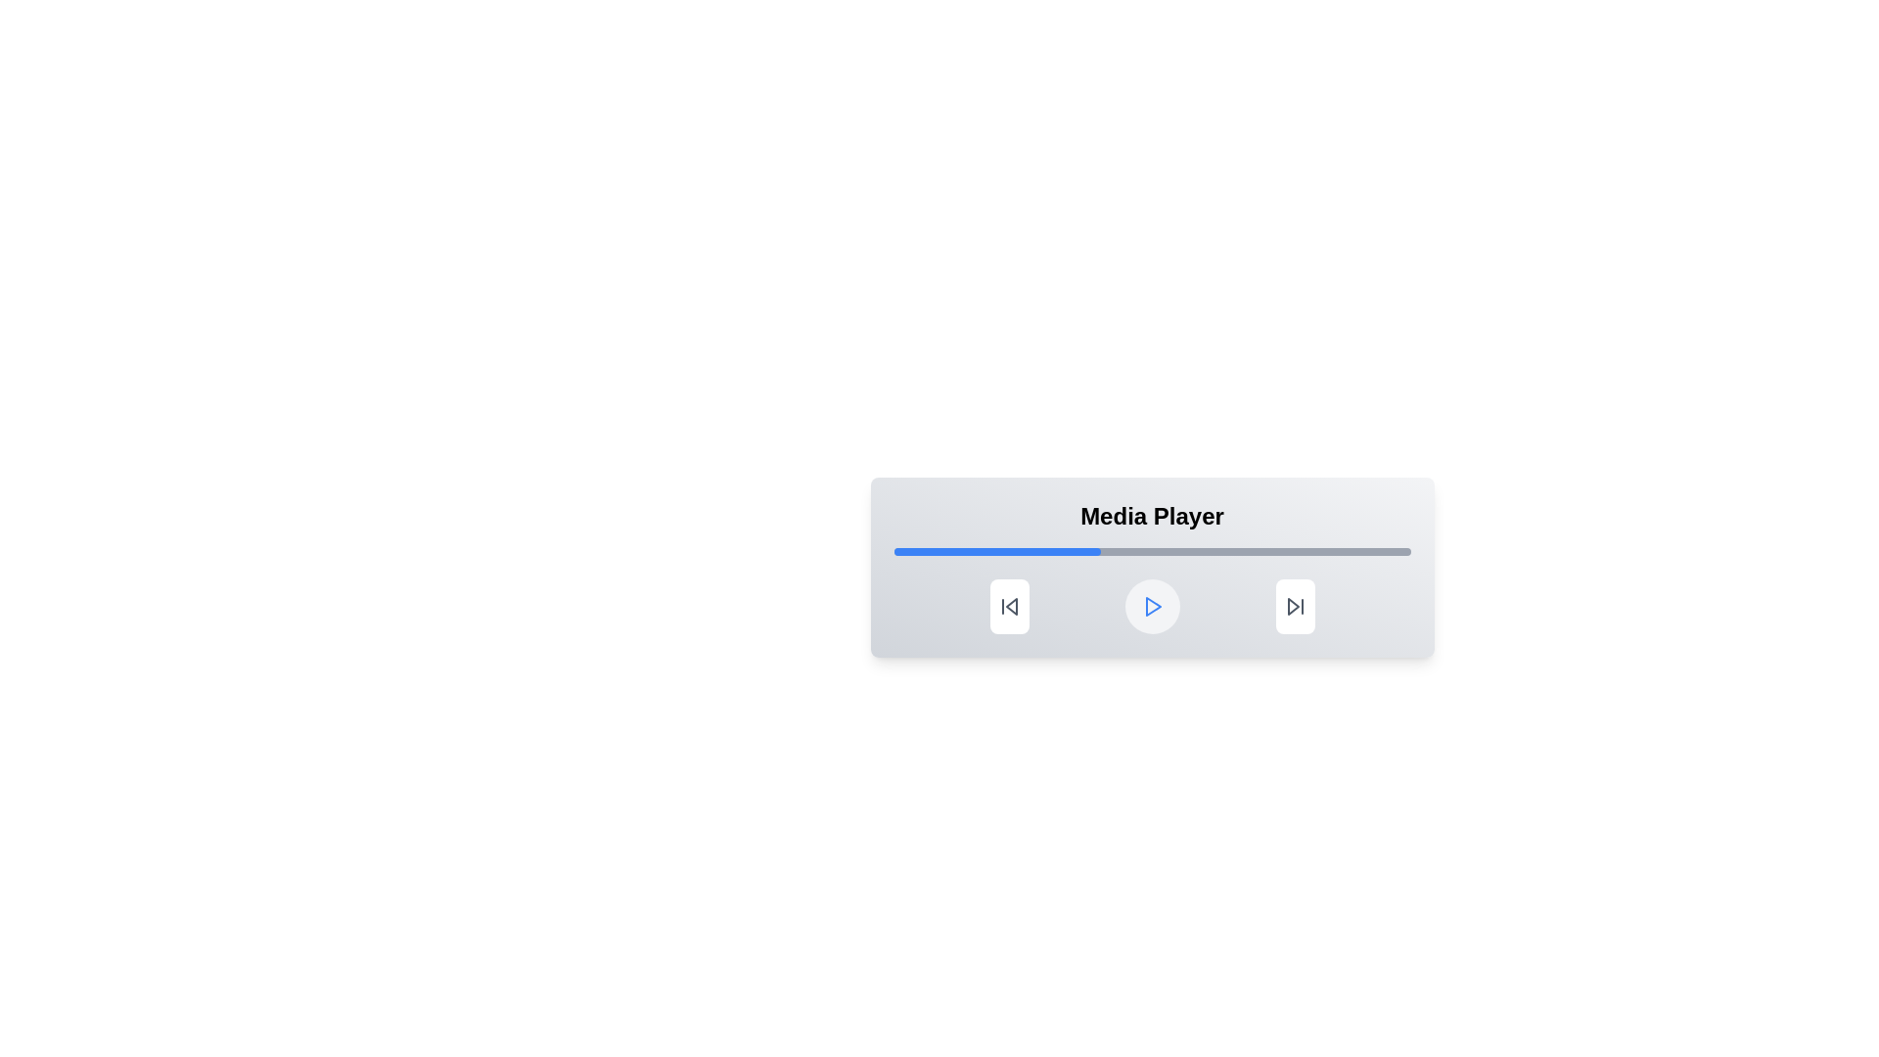 This screenshot has width=1879, height=1057. I want to click on the skip forward button, which is a forward navigation icon styled as two right-pointing triangles adjacent to a vertical line, located at the bottom-center of the interface, so click(1295, 606).